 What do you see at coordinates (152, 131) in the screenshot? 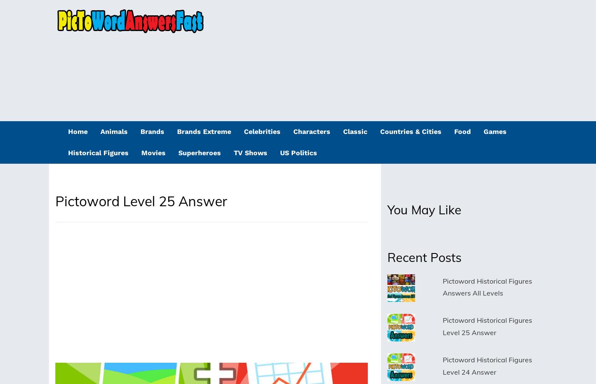
I see `'Brands'` at bounding box center [152, 131].